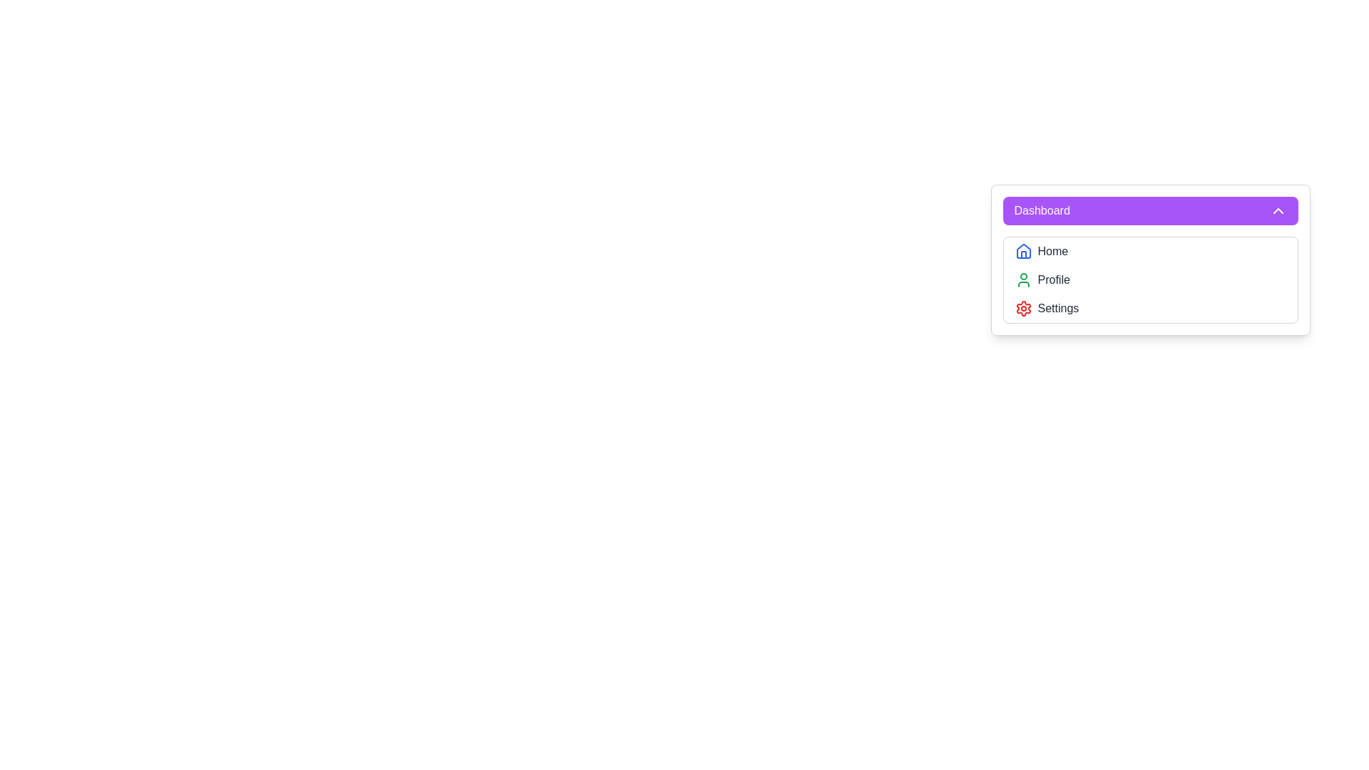  I want to click on the 'Profile' text link in the vertical menu, so click(1054, 280).